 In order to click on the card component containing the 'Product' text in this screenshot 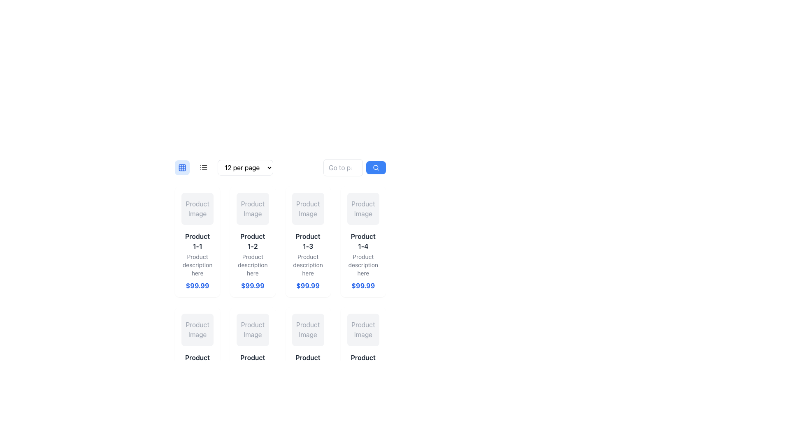, I will do `click(197, 362)`.